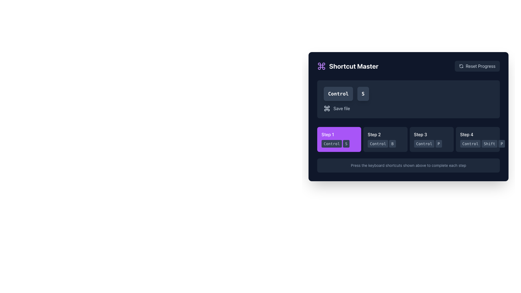 This screenshot has height=293, width=521. Describe the element at coordinates (363, 94) in the screenshot. I see `the button-like element with the letter 'S', which has a dark slate gray background and is styled with a bold font and shadows` at that location.